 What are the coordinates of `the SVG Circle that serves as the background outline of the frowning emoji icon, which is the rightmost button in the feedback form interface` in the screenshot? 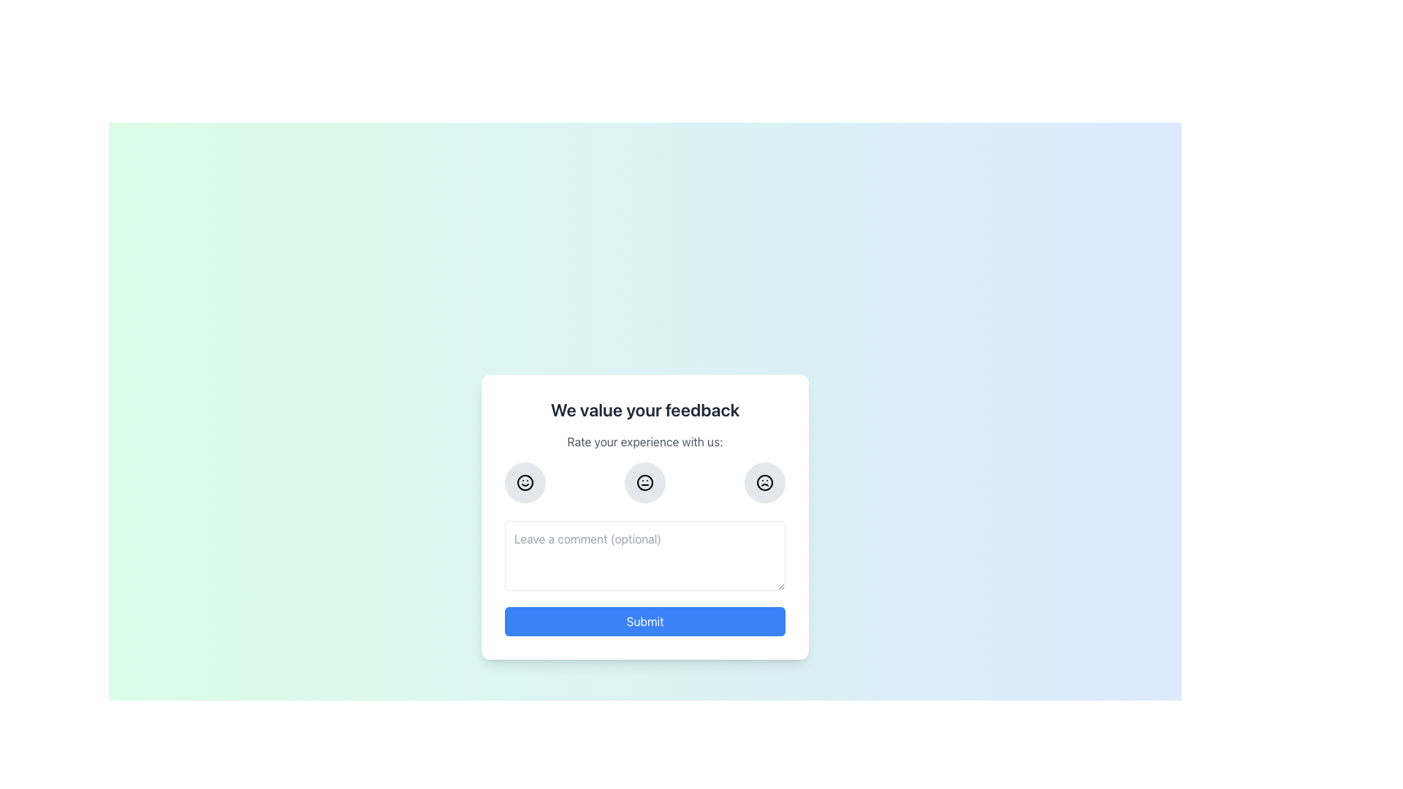 It's located at (764, 482).